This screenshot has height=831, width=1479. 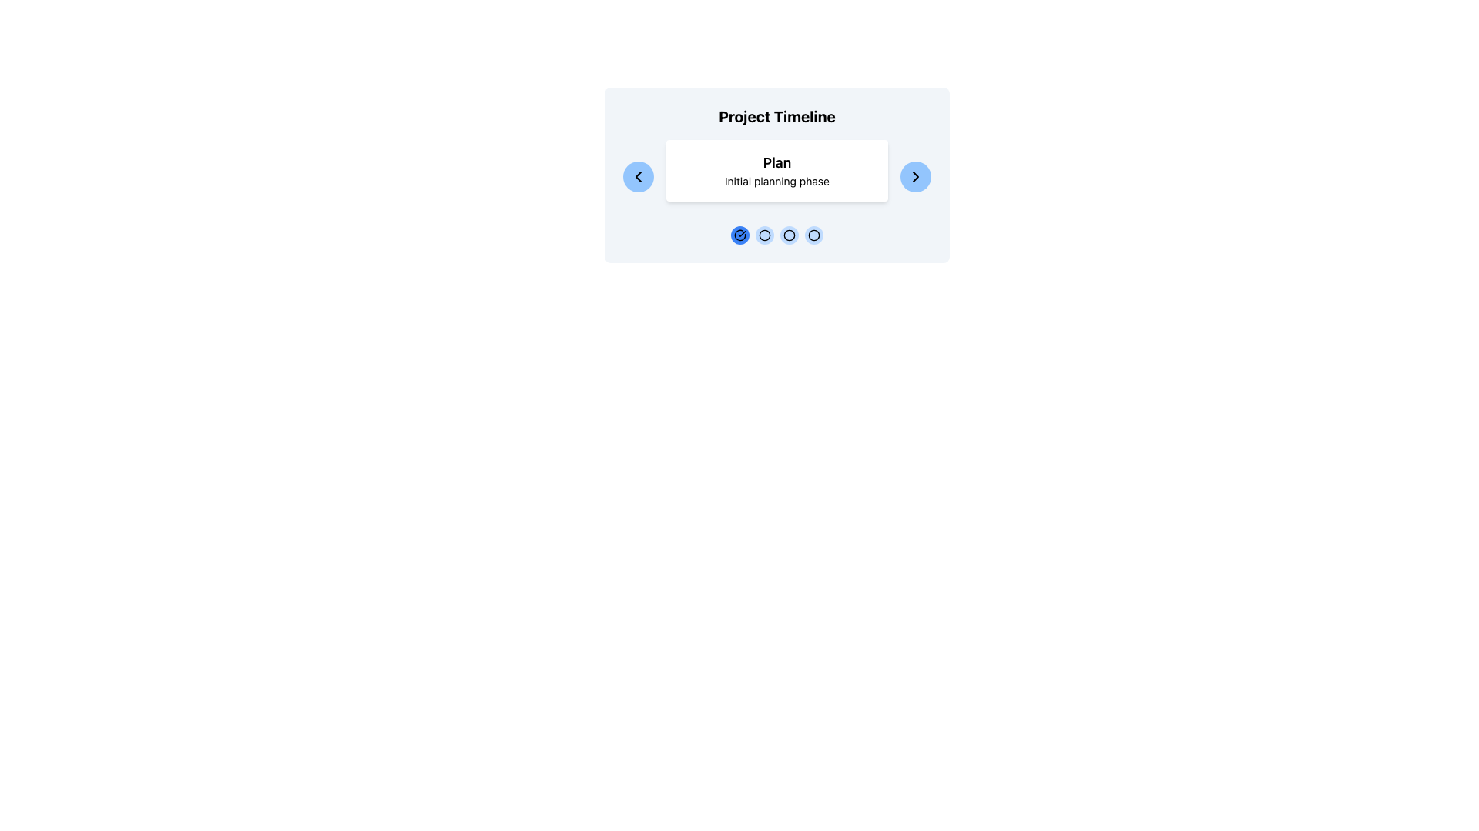 What do you see at coordinates (813, 235) in the screenshot?
I see `the circular blue button with a thin black border, located below the 'Plan' label in the 'Project Timeline' card` at bounding box center [813, 235].